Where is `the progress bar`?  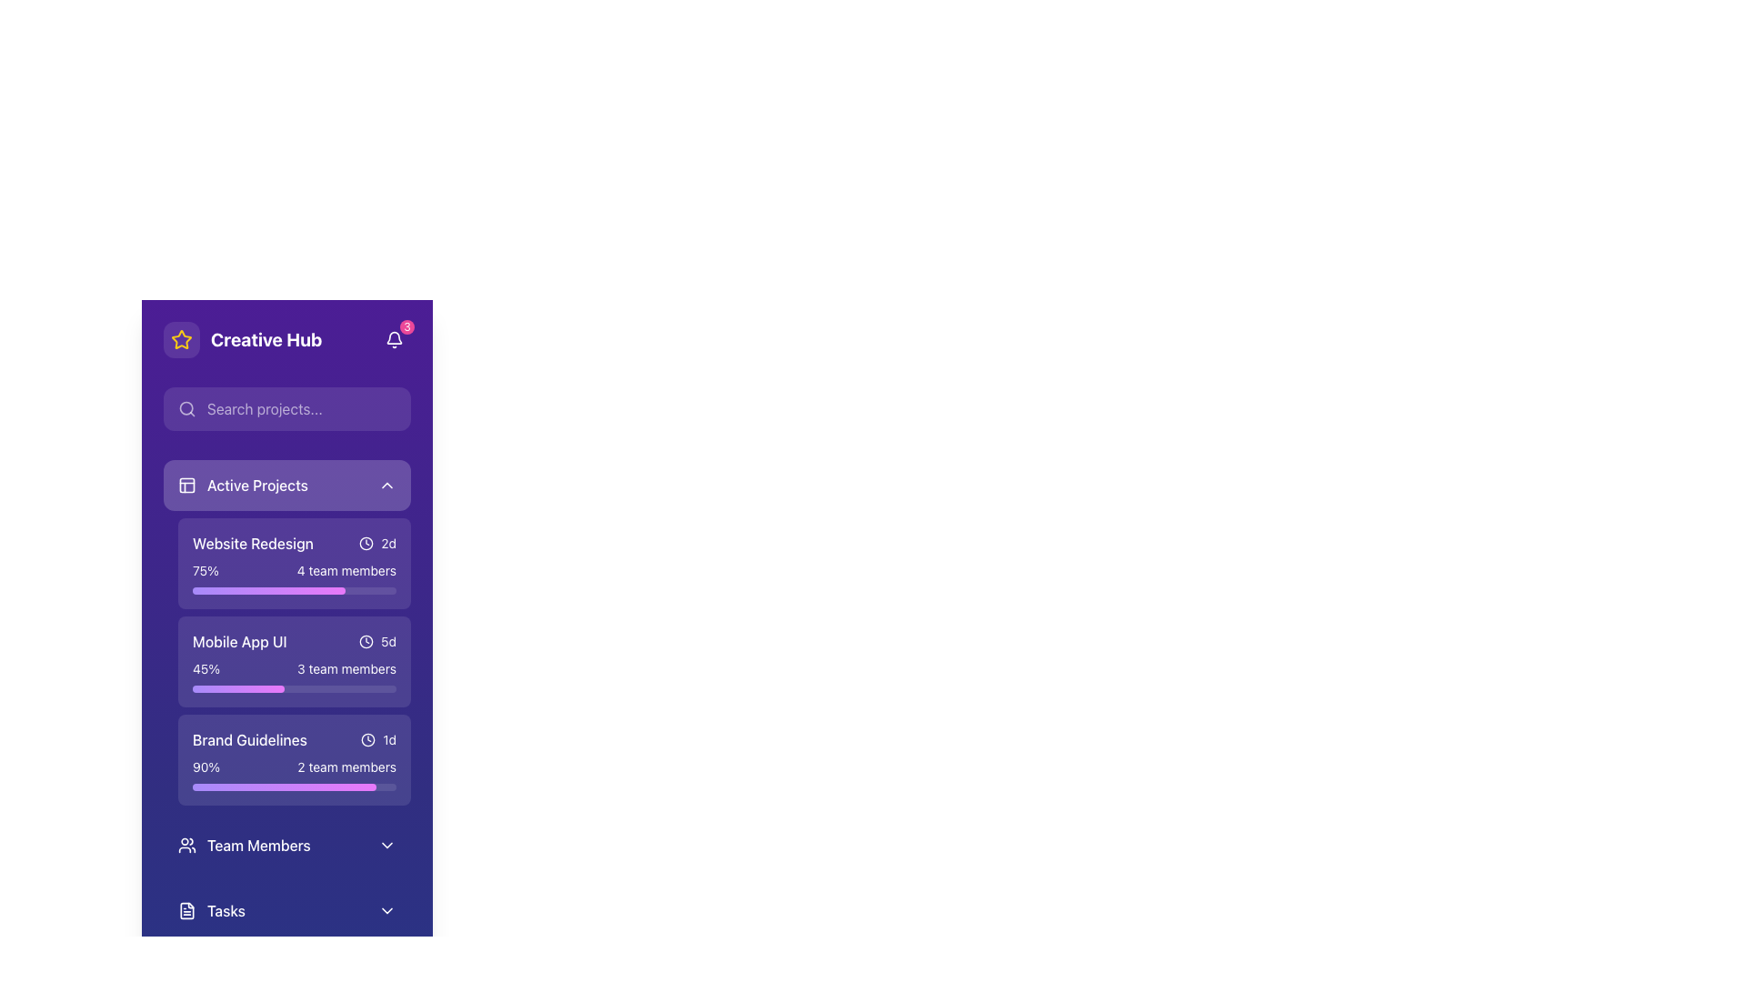 the progress bar is located at coordinates (259, 787).